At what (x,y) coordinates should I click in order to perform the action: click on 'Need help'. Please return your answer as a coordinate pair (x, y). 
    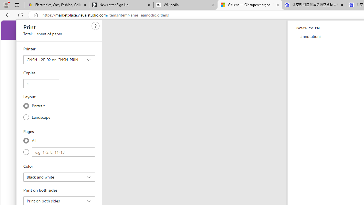
    Looking at the image, I should click on (96, 26).